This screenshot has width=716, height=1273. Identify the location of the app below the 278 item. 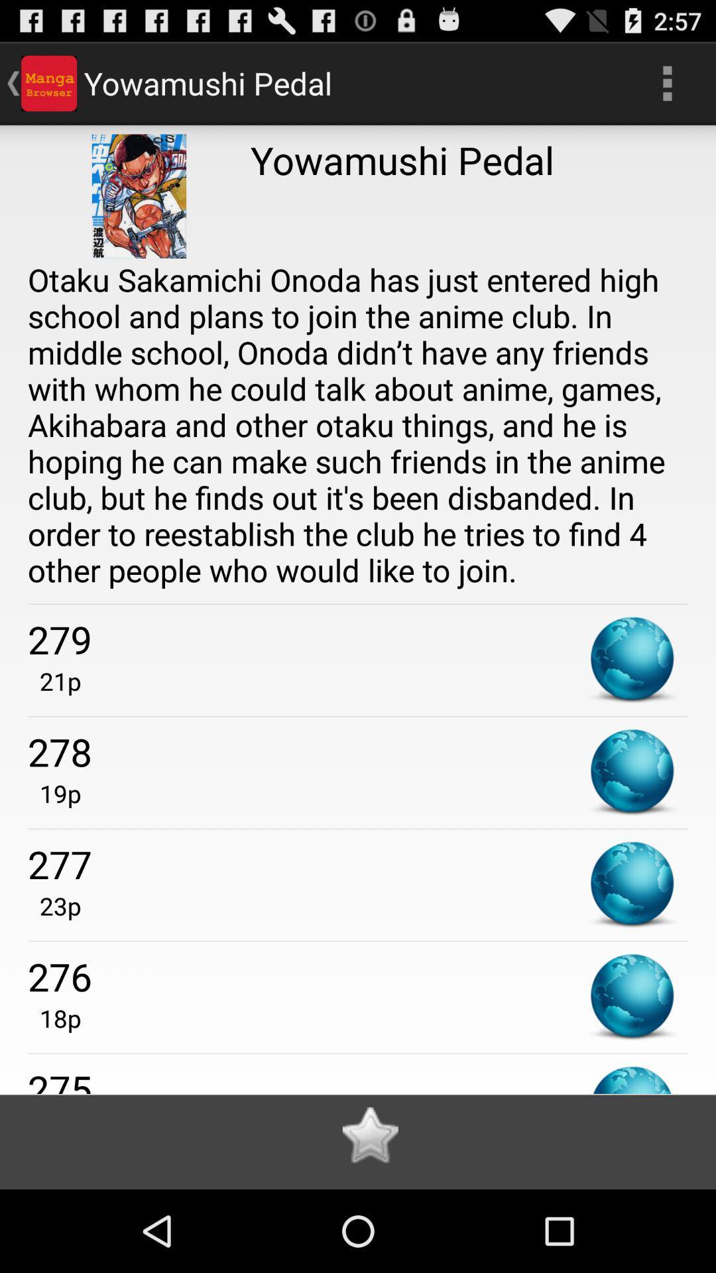
(54, 793).